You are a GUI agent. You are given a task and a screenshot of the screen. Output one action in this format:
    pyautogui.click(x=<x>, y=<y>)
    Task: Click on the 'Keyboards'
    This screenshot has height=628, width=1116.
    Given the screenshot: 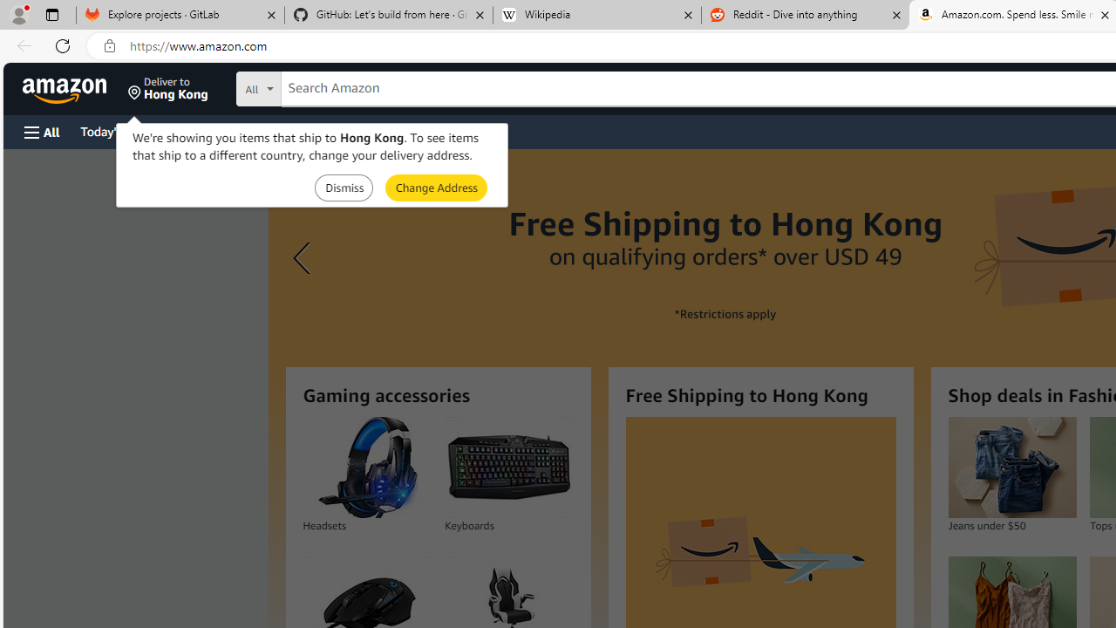 What is the action you would take?
    pyautogui.click(x=507, y=467)
    